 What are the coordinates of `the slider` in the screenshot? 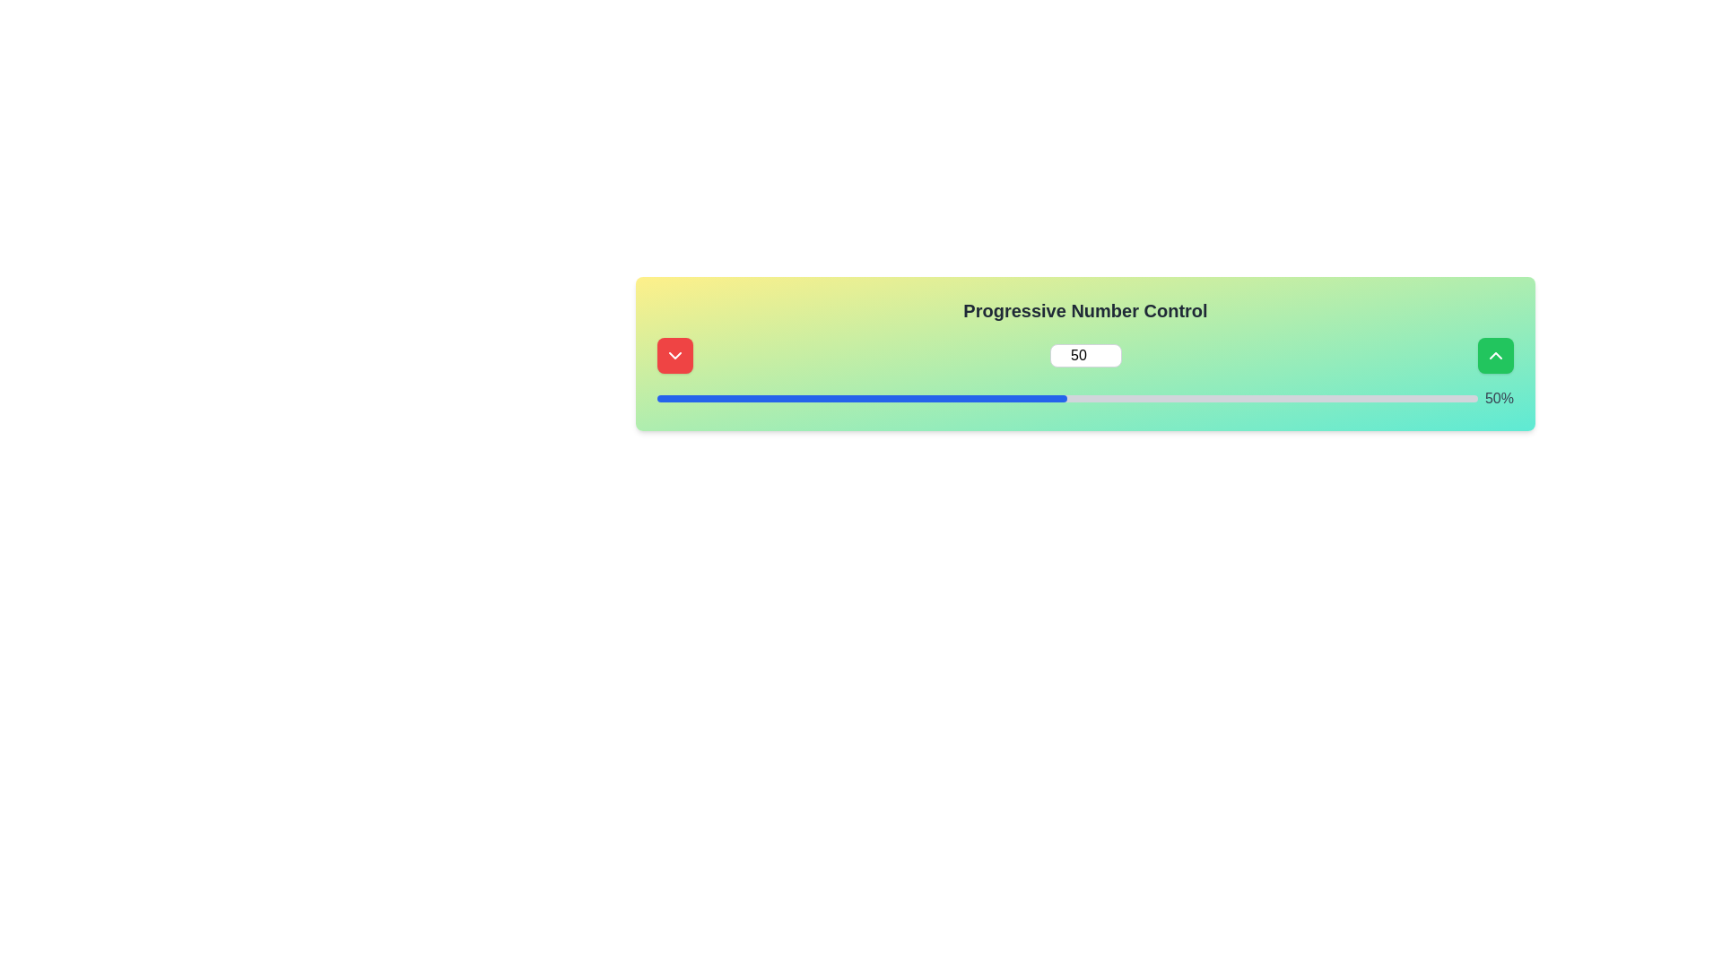 It's located at (1362, 397).